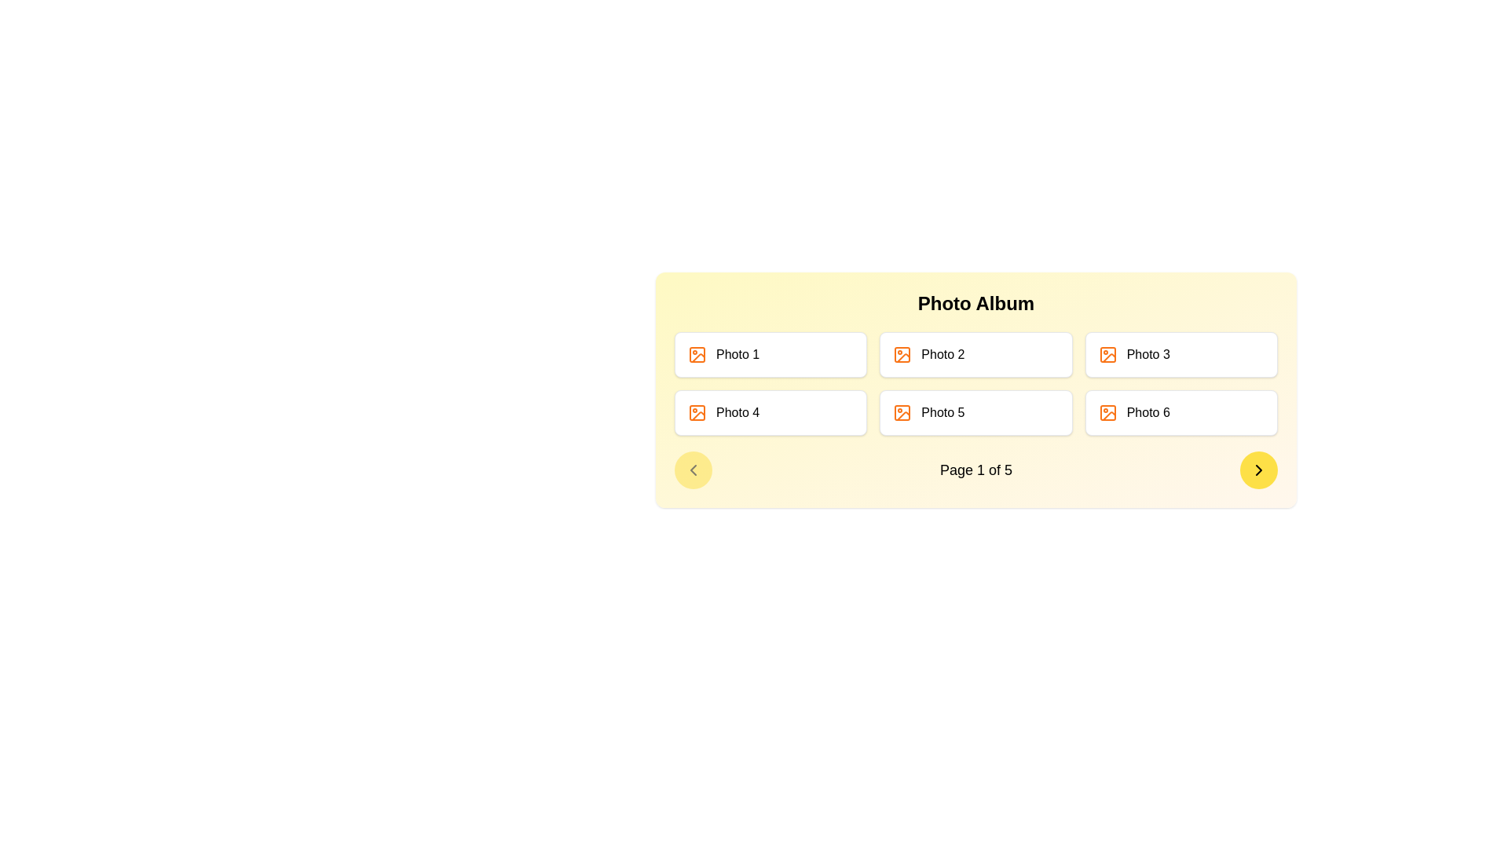 The width and height of the screenshot is (1508, 848). I want to click on text from the Text Label located in the second row and first column under the 'Photo Album' section, directly below the 'Photo 1' label, so click(737, 411).